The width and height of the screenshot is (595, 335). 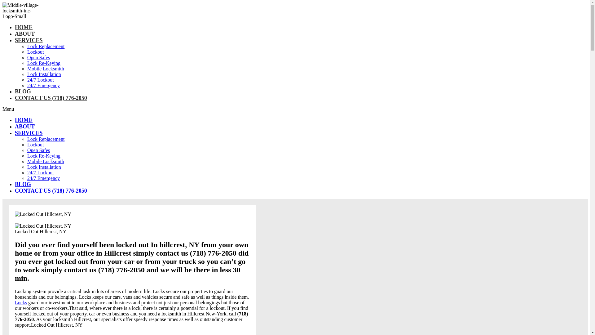 I want to click on 'CONTACT US (718) 776-2050', so click(x=15, y=190).